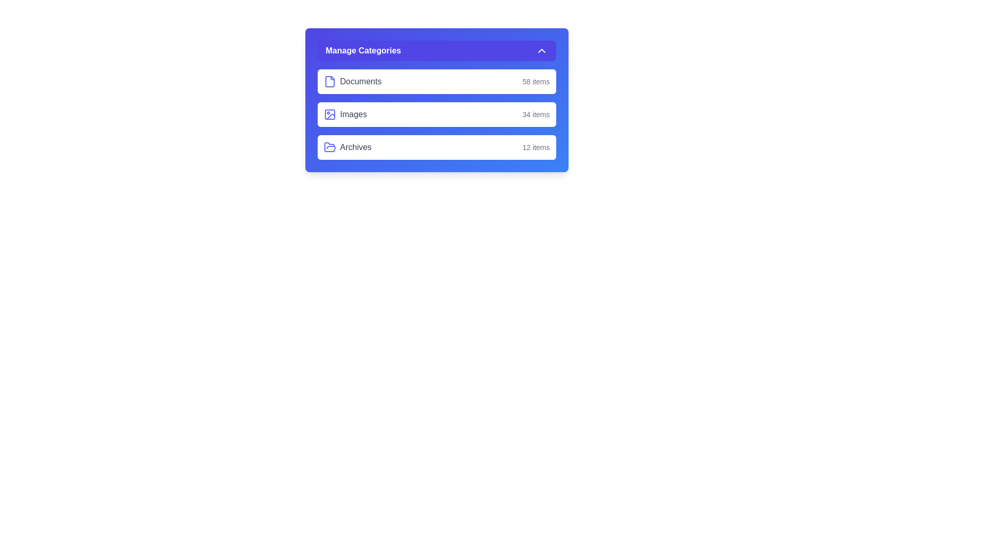 The width and height of the screenshot is (987, 555). What do you see at coordinates (436, 51) in the screenshot?
I see `toggle button to expand or collapse the menu` at bounding box center [436, 51].